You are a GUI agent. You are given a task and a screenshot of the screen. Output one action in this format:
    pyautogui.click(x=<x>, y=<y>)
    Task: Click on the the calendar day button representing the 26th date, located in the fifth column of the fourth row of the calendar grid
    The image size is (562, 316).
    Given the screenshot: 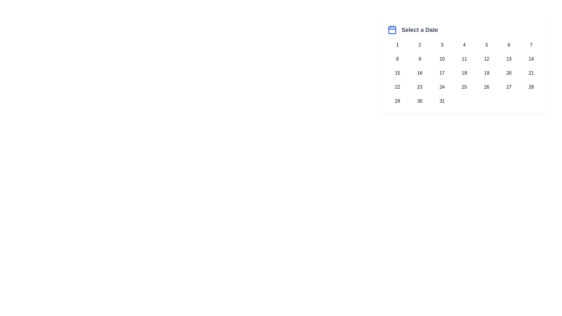 What is the action you would take?
    pyautogui.click(x=486, y=87)
    